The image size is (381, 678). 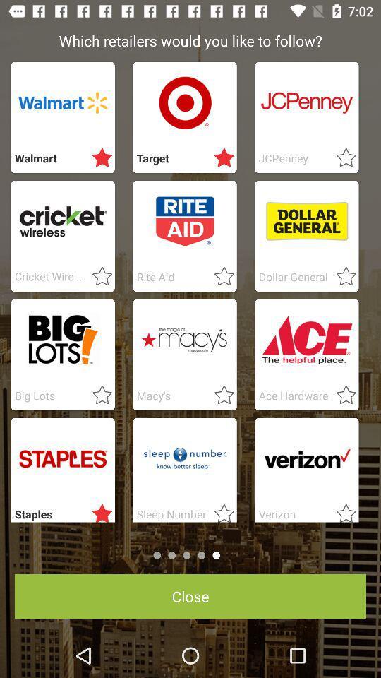 What do you see at coordinates (220, 395) in the screenshot?
I see `click favorite option` at bounding box center [220, 395].